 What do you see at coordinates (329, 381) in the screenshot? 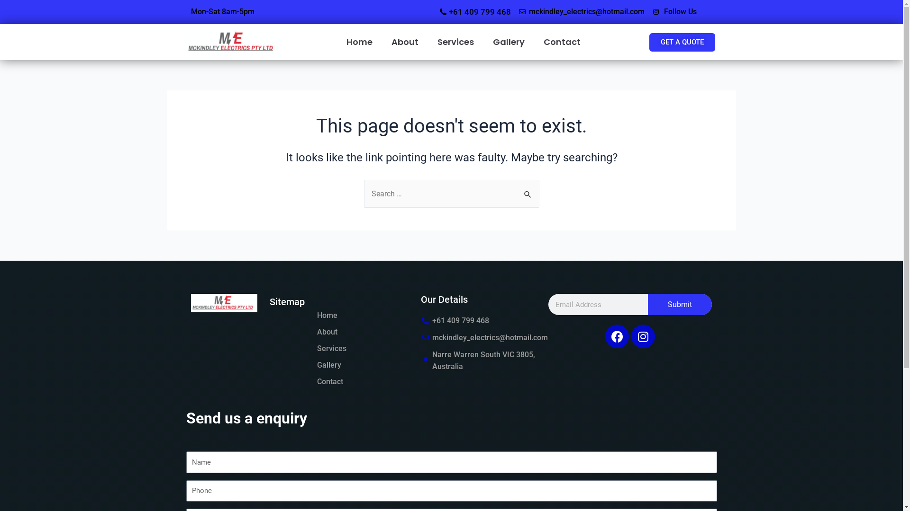
I see `'Contact'` at bounding box center [329, 381].